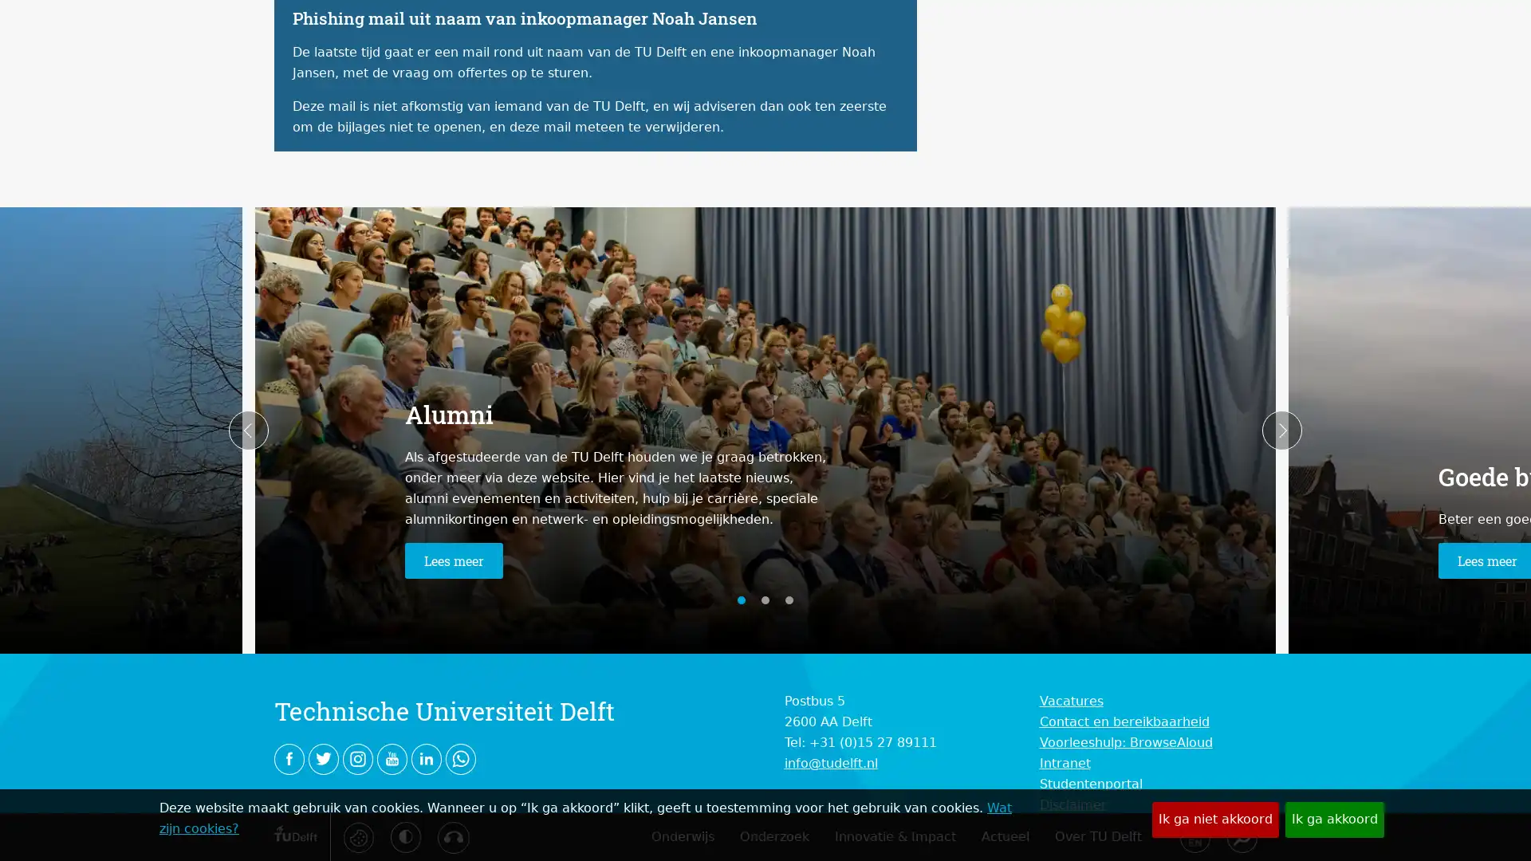 The image size is (1531, 861). Describe the element at coordinates (1240, 835) in the screenshot. I see `Zoeken` at that location.